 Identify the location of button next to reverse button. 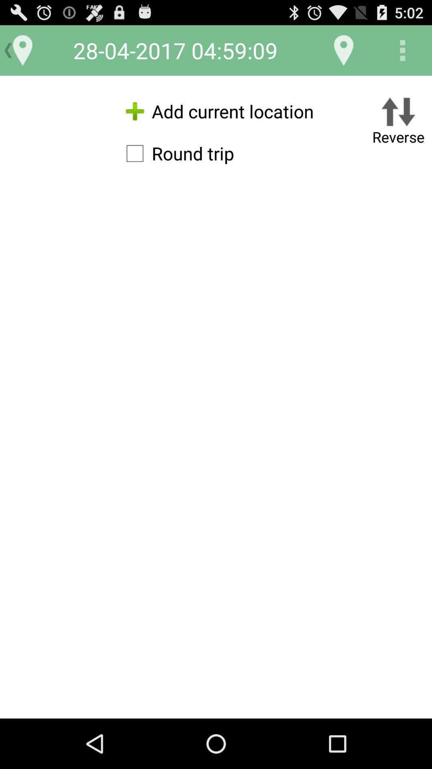
(176, 153).